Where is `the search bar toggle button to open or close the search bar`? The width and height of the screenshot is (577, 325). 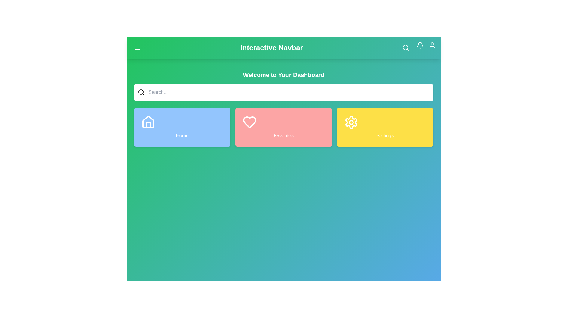 the search bar toggle button to open or close the search bar is located at coordinates (405, 47).